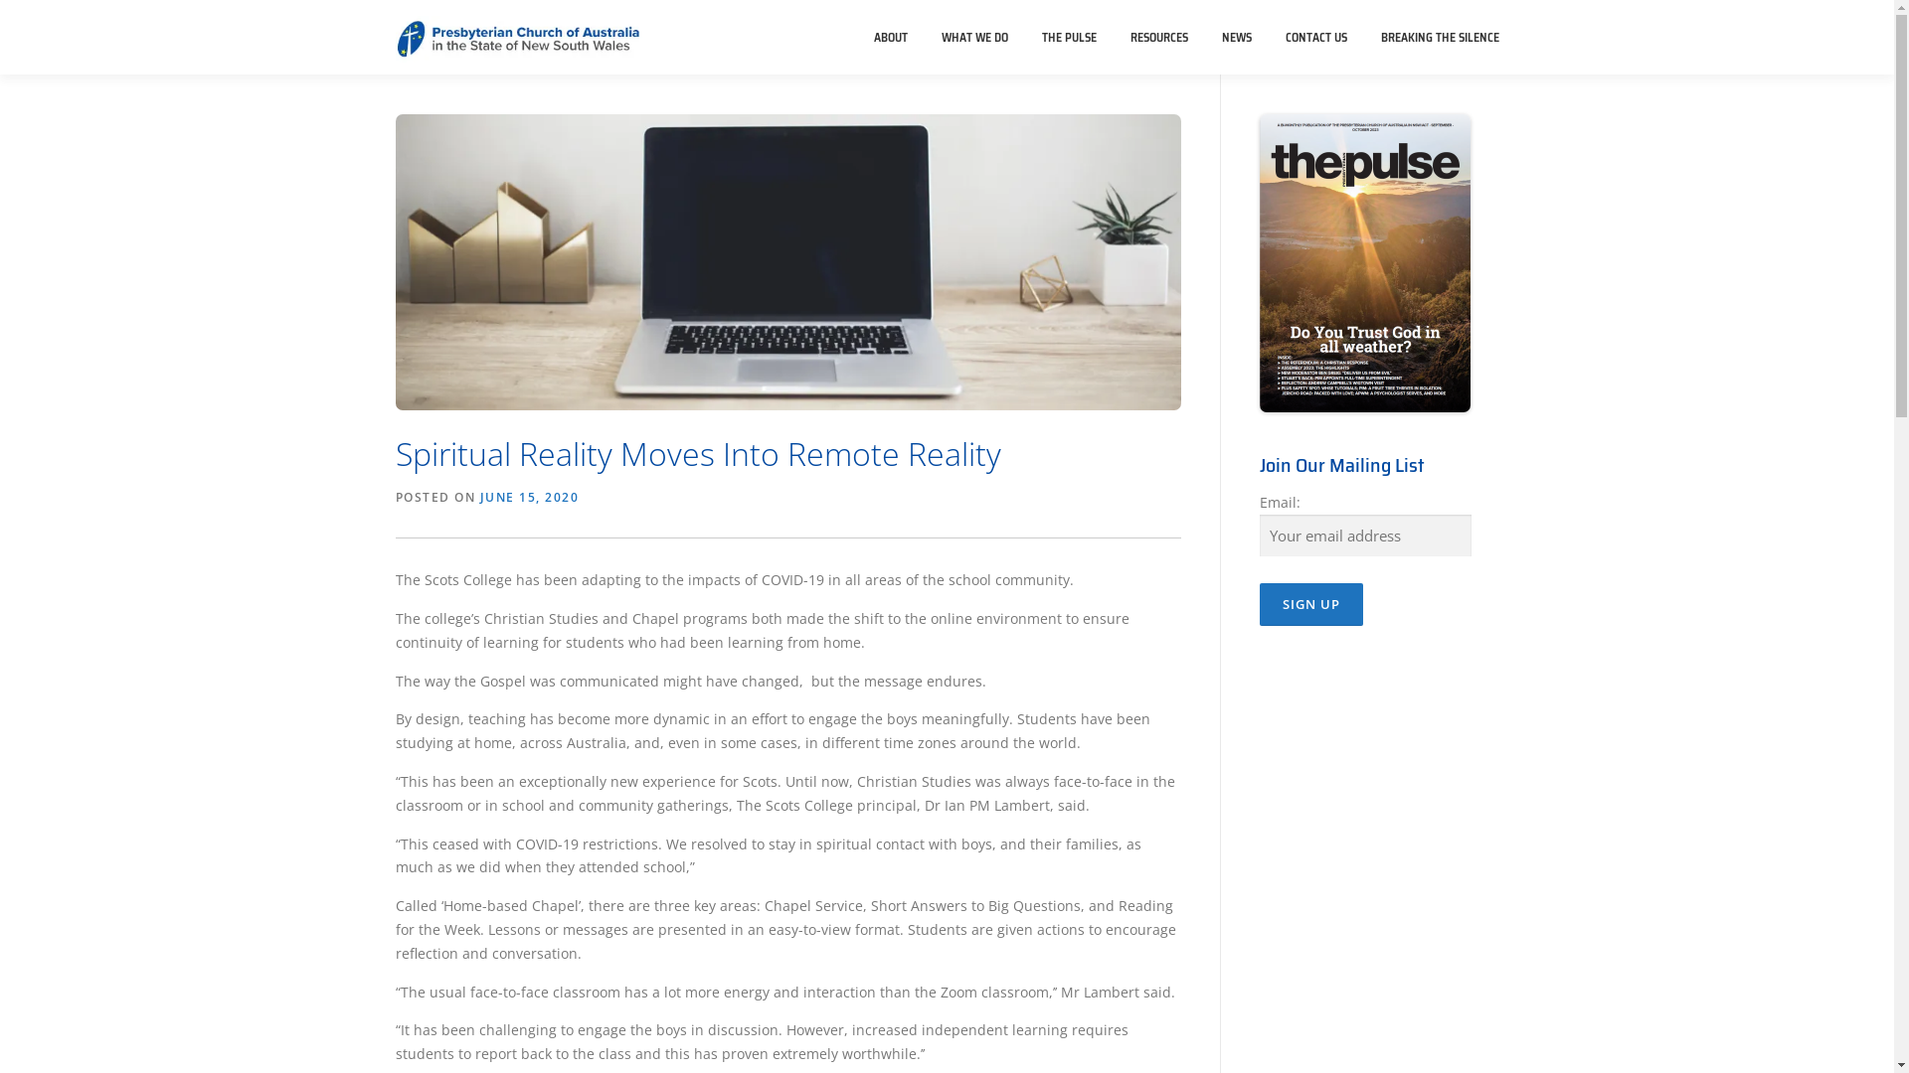  What do you see at coordinates (890, 37) in the screenshot?
I see `'ABOUT'` at bounding box center [890, 37].